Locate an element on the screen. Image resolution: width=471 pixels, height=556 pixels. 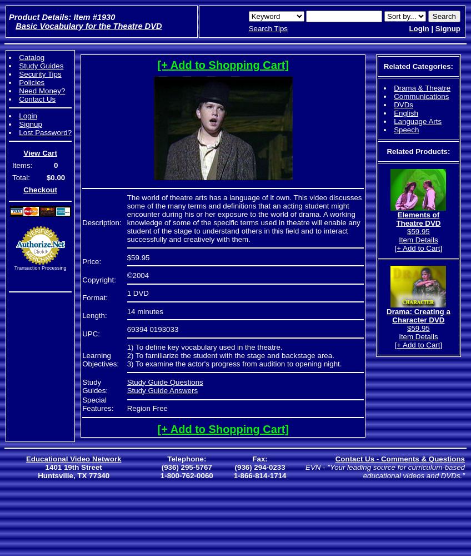
'|' is located at coordinates (431, 28).